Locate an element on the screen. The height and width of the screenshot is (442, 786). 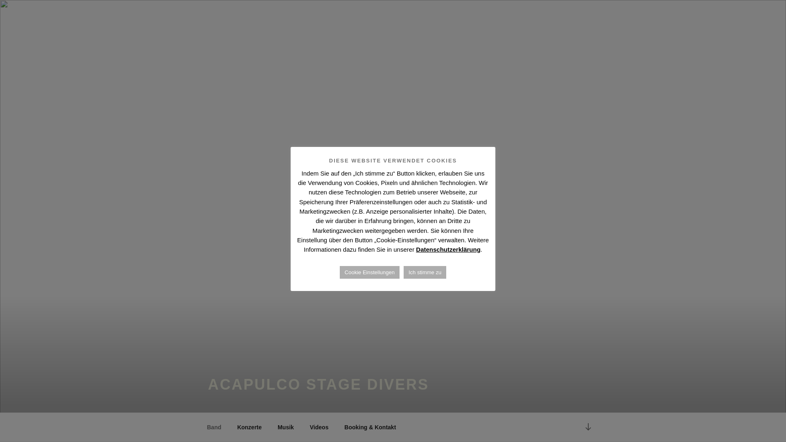
'Cookie Einstellungen' is located at coordinates (340, 272).